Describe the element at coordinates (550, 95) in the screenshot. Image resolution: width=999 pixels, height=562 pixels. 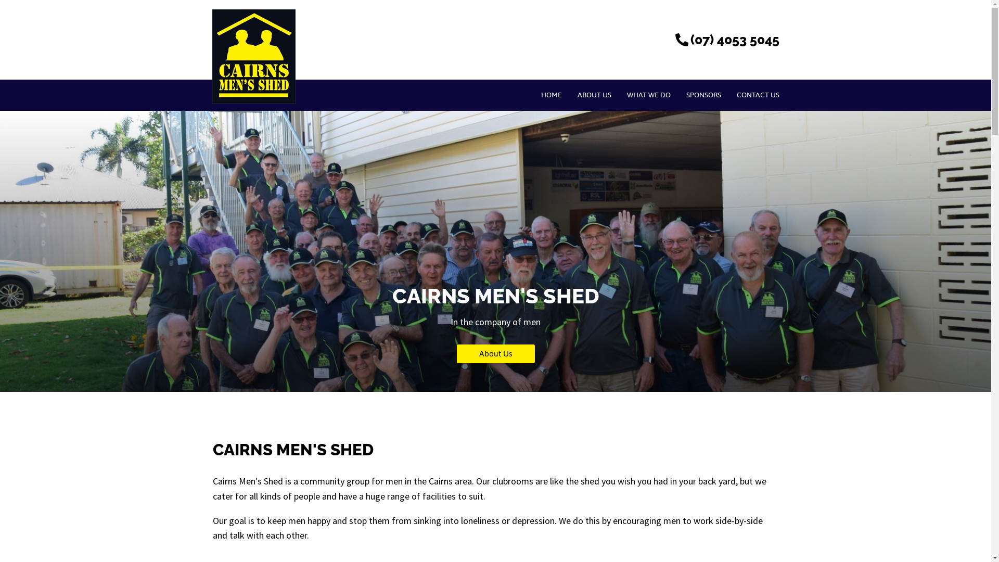
I see `'HOME'` at that location.